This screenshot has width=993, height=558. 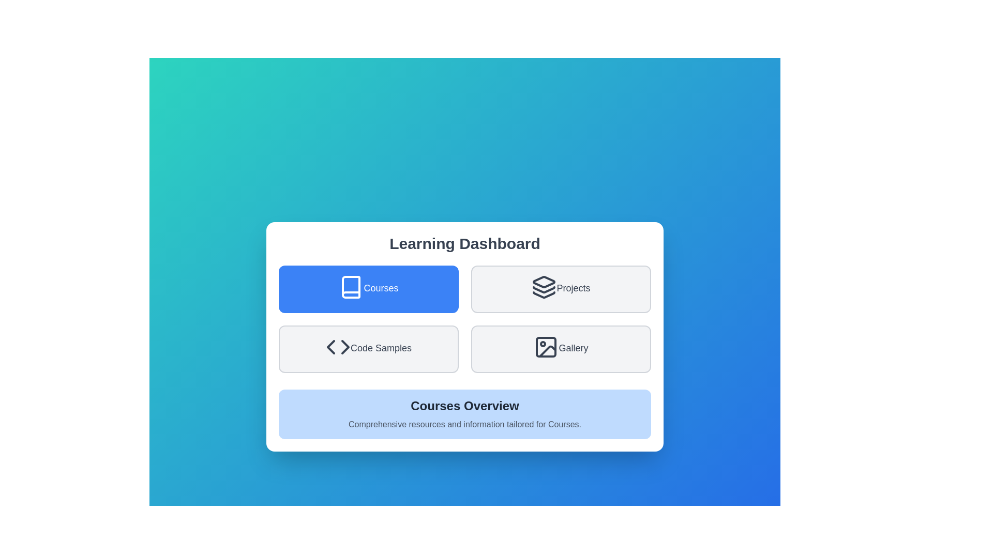 I want to click on the Gallery button to select it, so click(x=560, y=349).